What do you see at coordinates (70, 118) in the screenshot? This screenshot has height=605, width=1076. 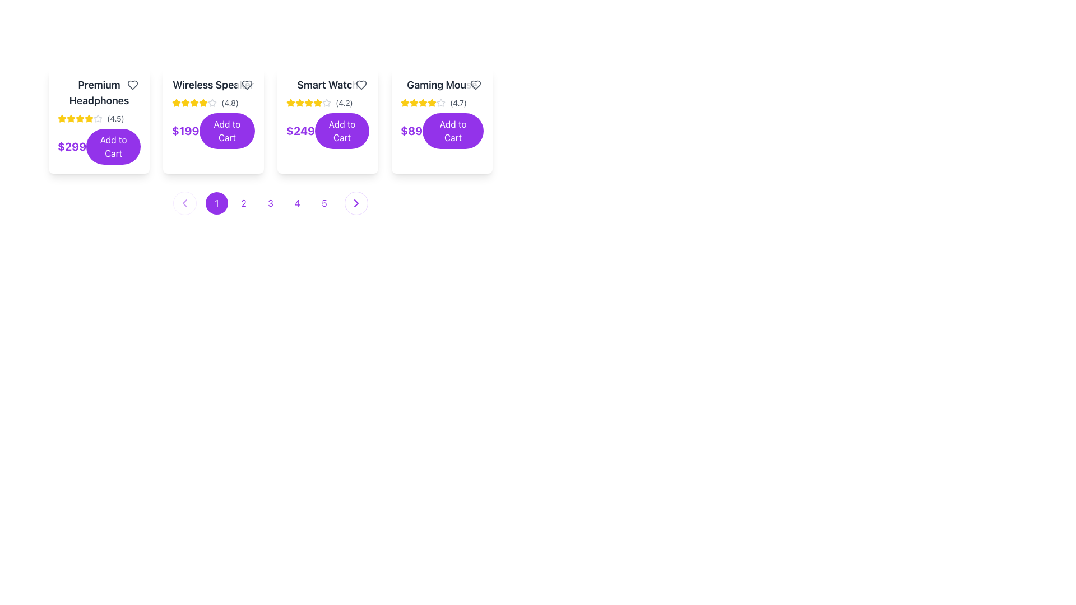 I see `the second star-shaped icon in the rating display system for the 'Premium Headphones' product card, which is filled with yellow color and part of a set of five stars` at bounding box center [70, 118].